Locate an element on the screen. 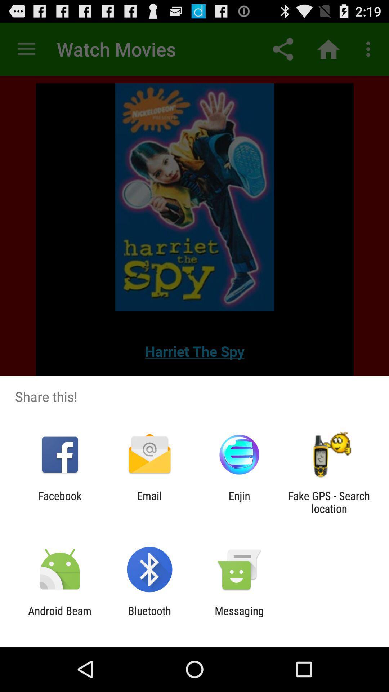  item at the bottom right corner is located at coordinates (329, 502).